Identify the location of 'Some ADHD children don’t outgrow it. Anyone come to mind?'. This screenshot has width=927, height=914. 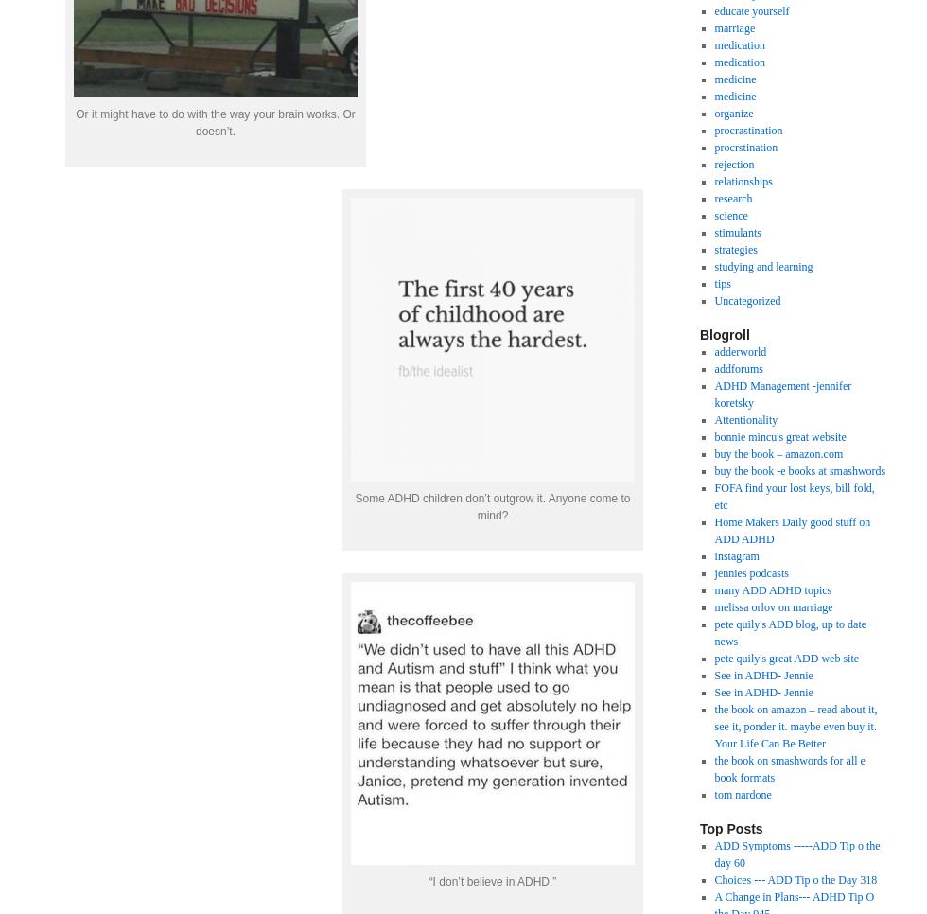
(492, 505).